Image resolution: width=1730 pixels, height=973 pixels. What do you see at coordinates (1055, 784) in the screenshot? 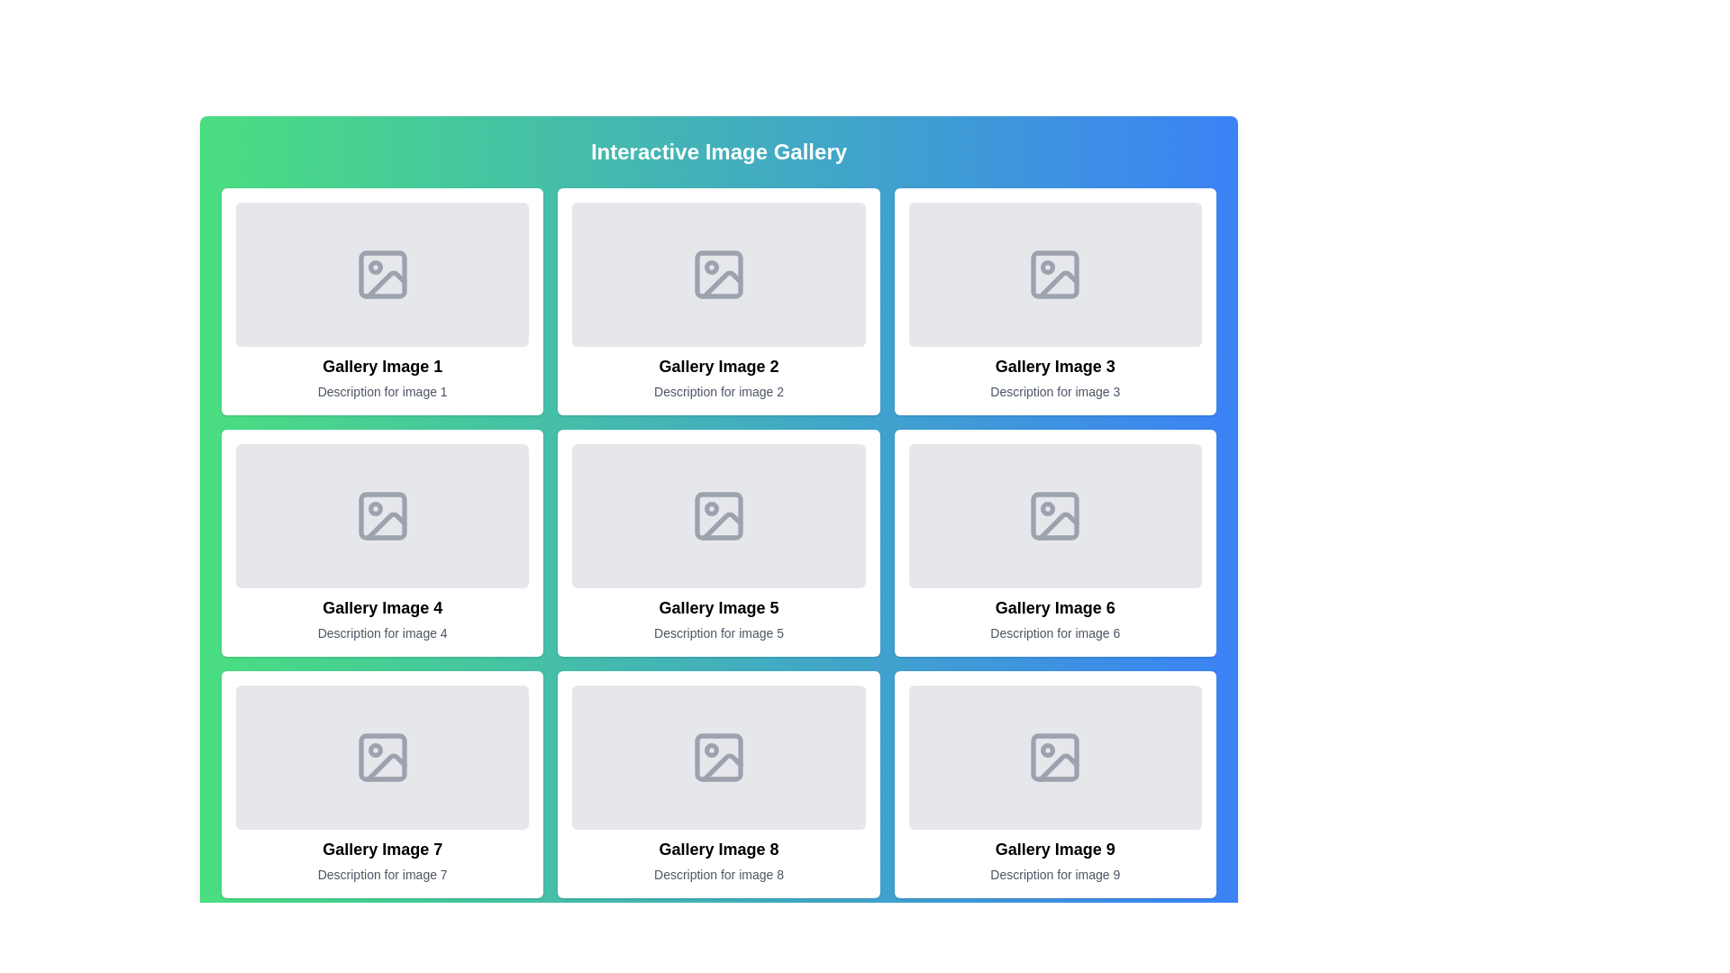
I see `the gallery image placeholder located in the bottom-right corner of the 3x3 grid layout, identified as 'Gallery Image 8'` at bounding box center [1055, 784].